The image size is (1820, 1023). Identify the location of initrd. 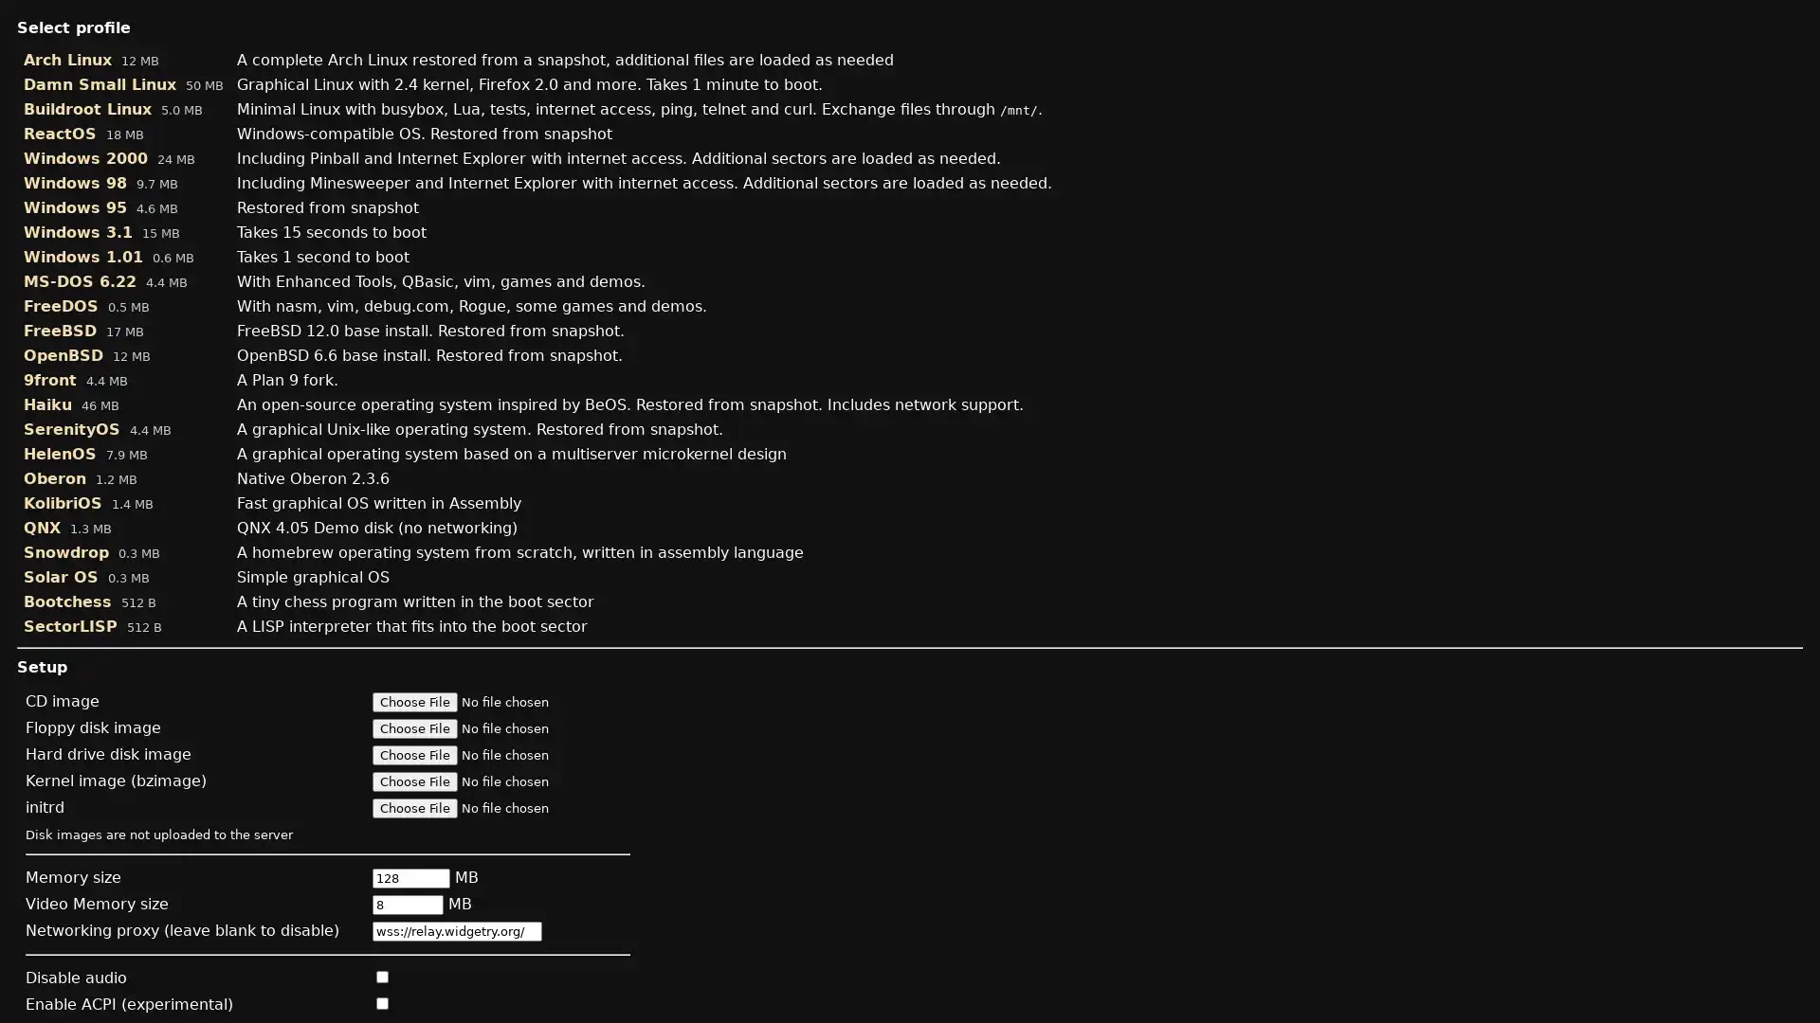
(500, 808).